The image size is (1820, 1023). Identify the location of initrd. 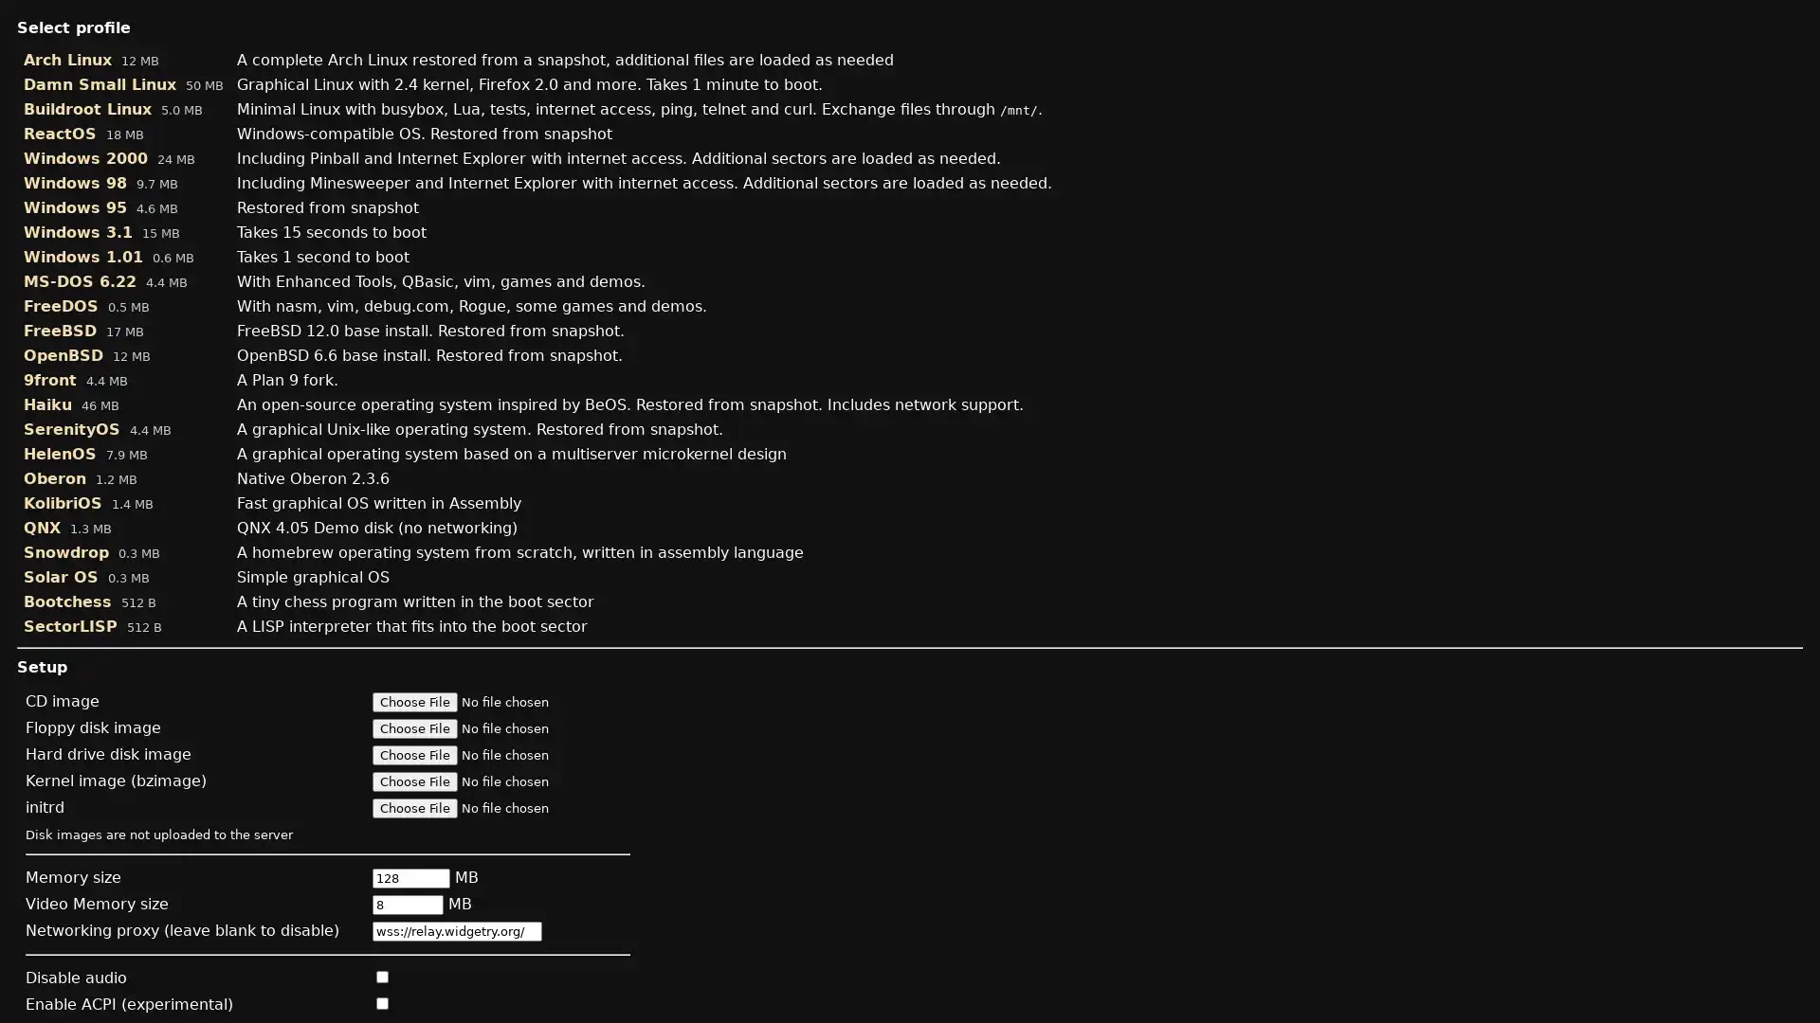
(500, 808).